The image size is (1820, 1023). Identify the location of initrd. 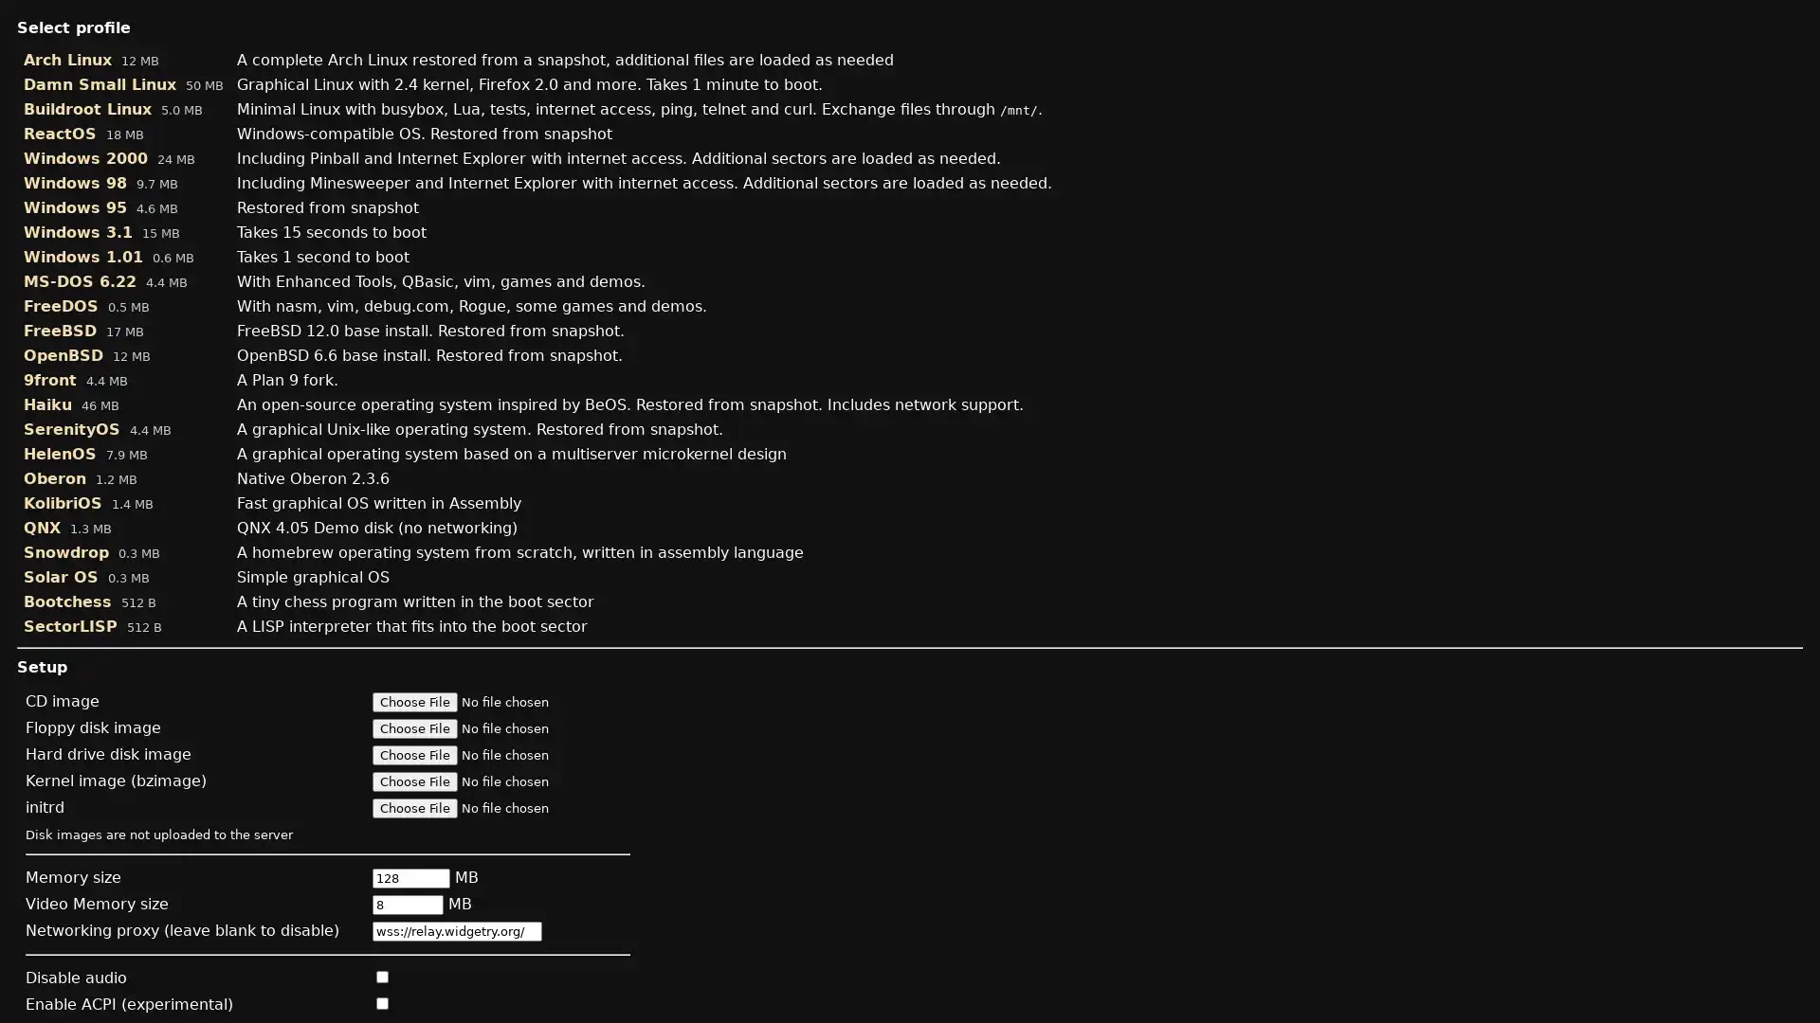
(500, 808).